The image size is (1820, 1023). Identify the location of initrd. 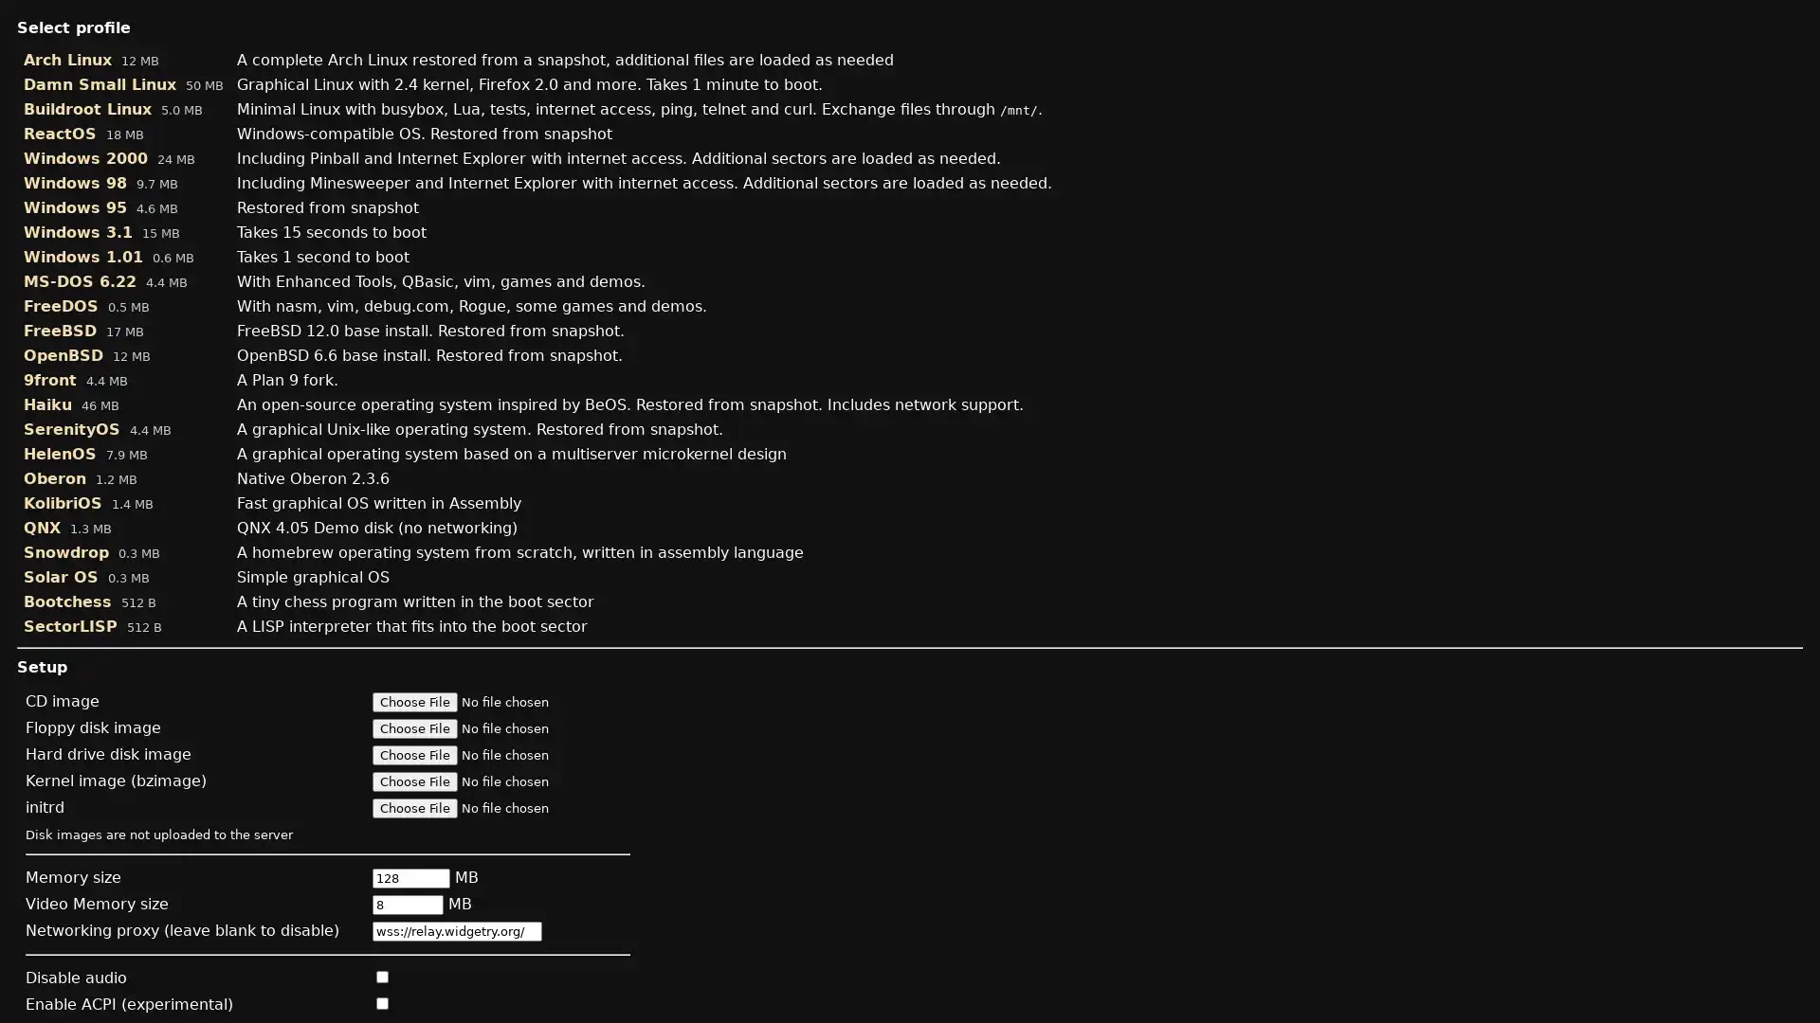
(500, 808).